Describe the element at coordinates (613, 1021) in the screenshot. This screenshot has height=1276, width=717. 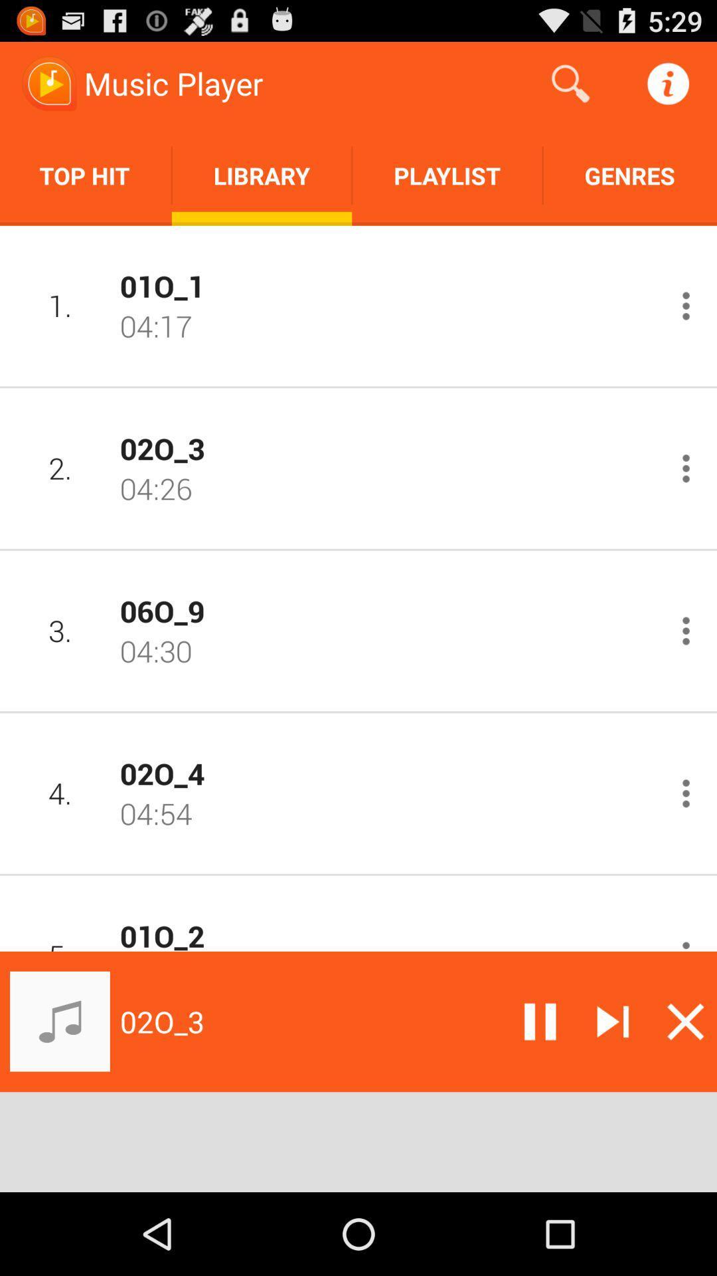
I see `next item` at that location.